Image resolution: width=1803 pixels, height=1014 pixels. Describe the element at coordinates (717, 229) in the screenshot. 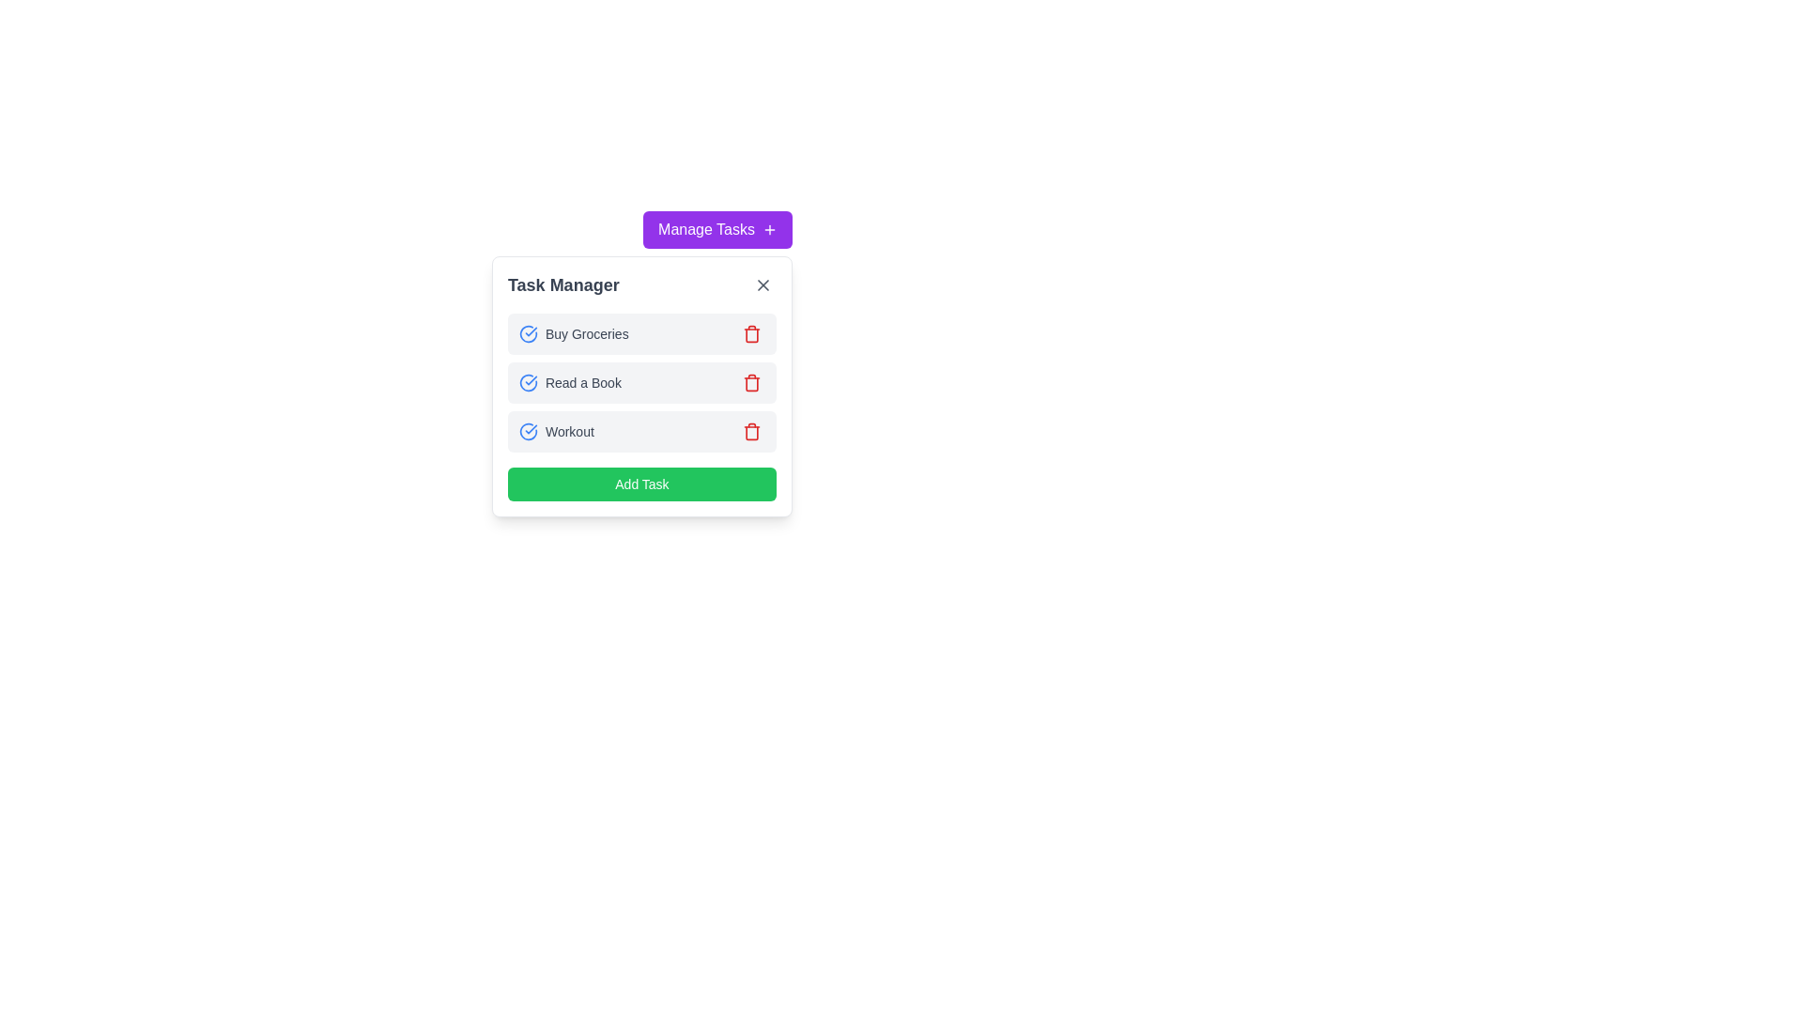

I see `the 'Manage Tasks' button with a '+' icon` at that location.